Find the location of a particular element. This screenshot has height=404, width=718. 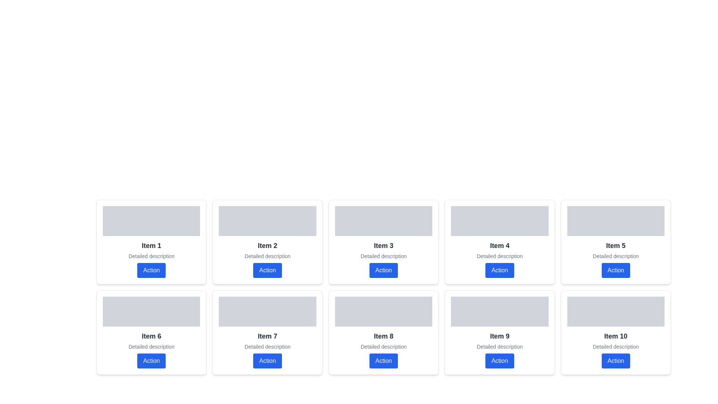

text label that serves as the title for the card located in the second row and fourth column of the grid layout is located at coordinates (384, 336).